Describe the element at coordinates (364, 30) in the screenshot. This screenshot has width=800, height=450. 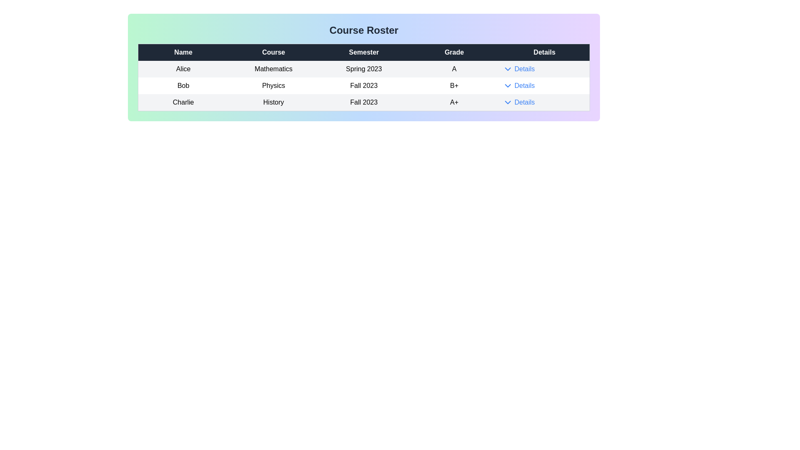
I see `the Text Label that serves as a header title at the top of the gradient-colored header section above the course details table` at that location.